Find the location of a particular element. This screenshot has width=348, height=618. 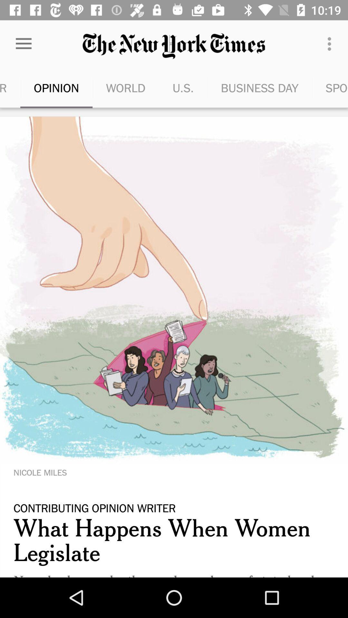

the icon to the left of the sports is located at coordinates (259, 88).